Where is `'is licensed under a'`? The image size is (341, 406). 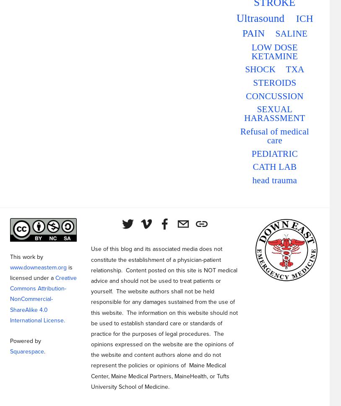 'is licensed under a' is located at coordinates (42, 272).